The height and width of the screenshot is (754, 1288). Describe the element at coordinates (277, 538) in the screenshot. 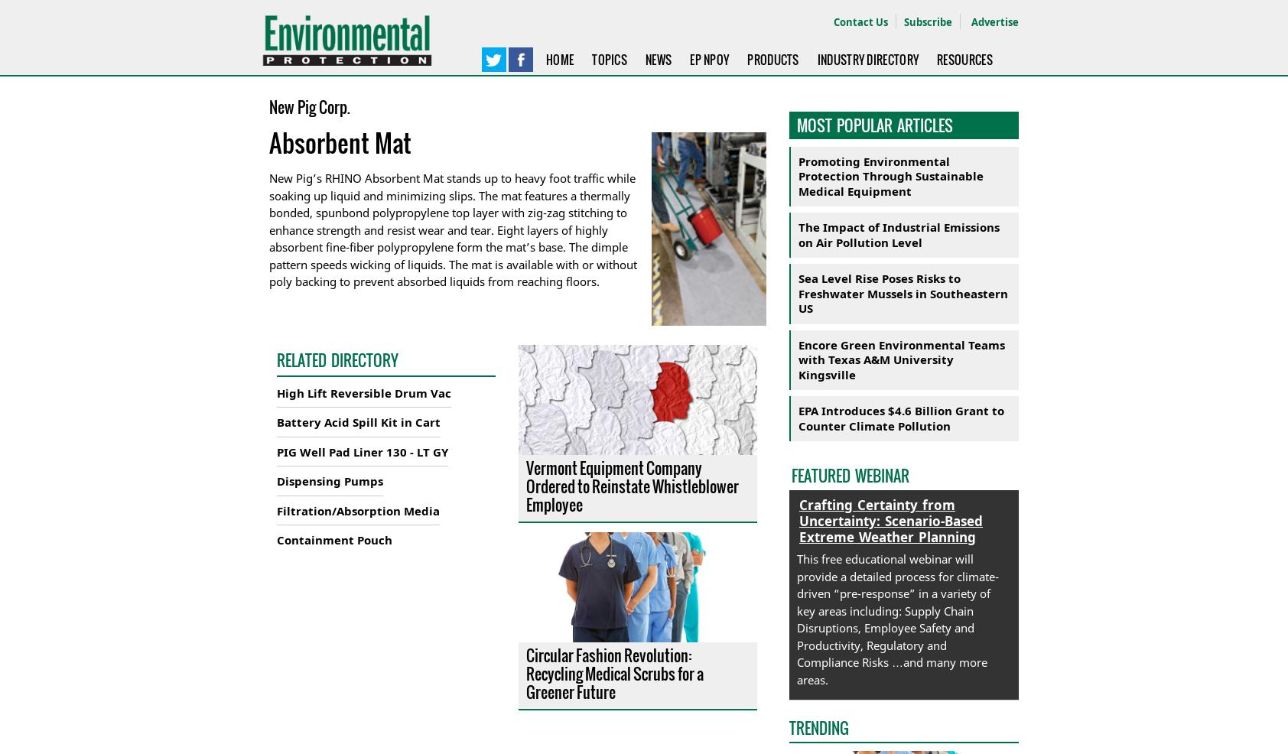

I see `'Containment Pouch'` at that location.